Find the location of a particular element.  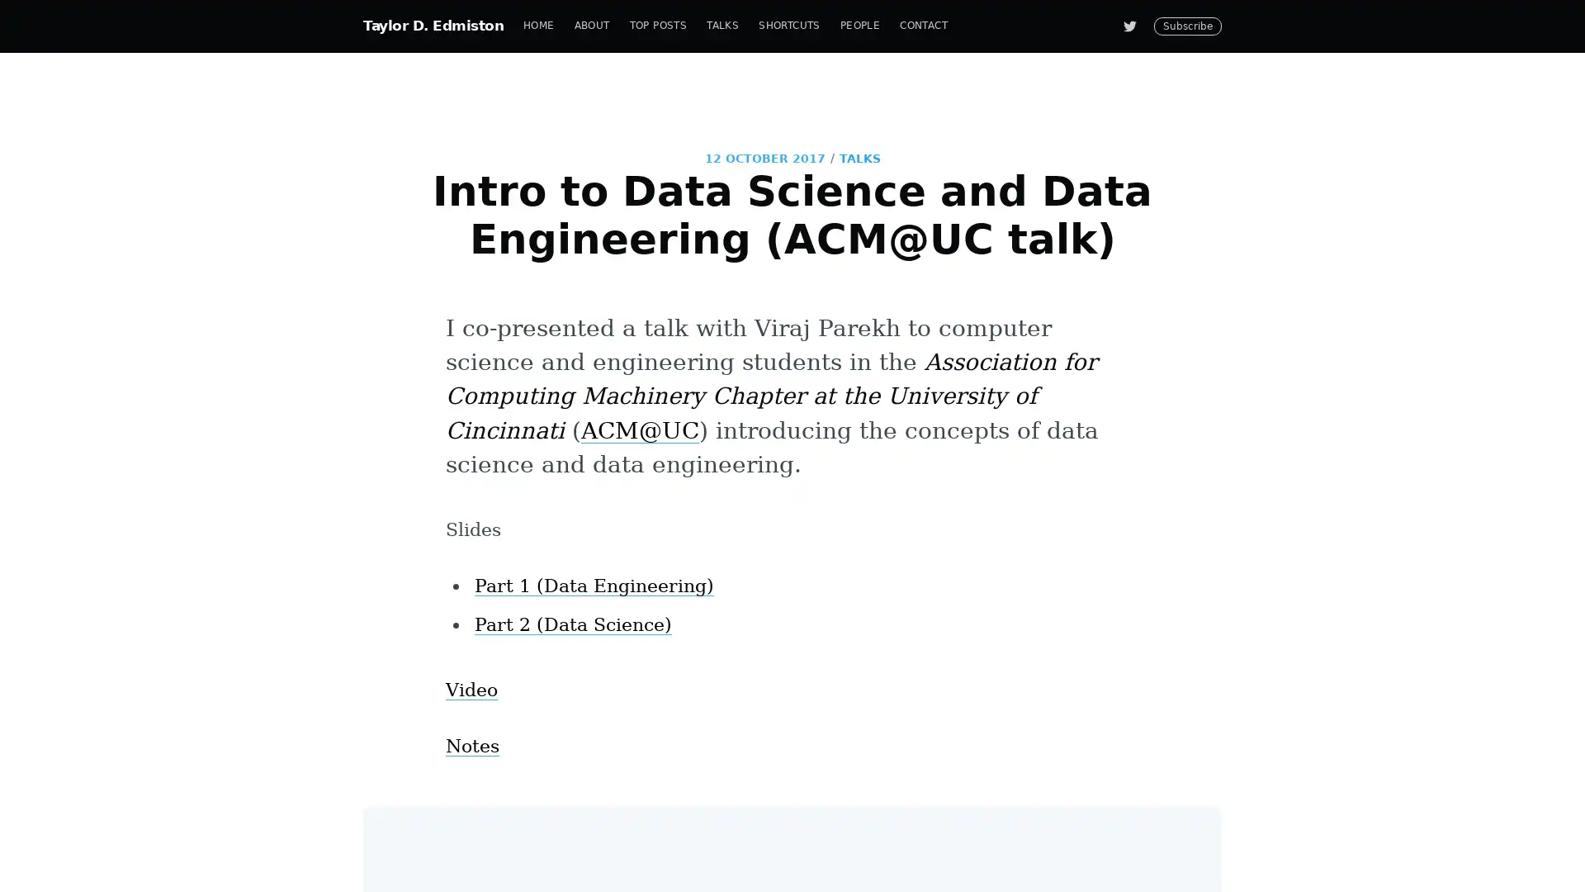

Subscribe is located at coordinates (943, 506).